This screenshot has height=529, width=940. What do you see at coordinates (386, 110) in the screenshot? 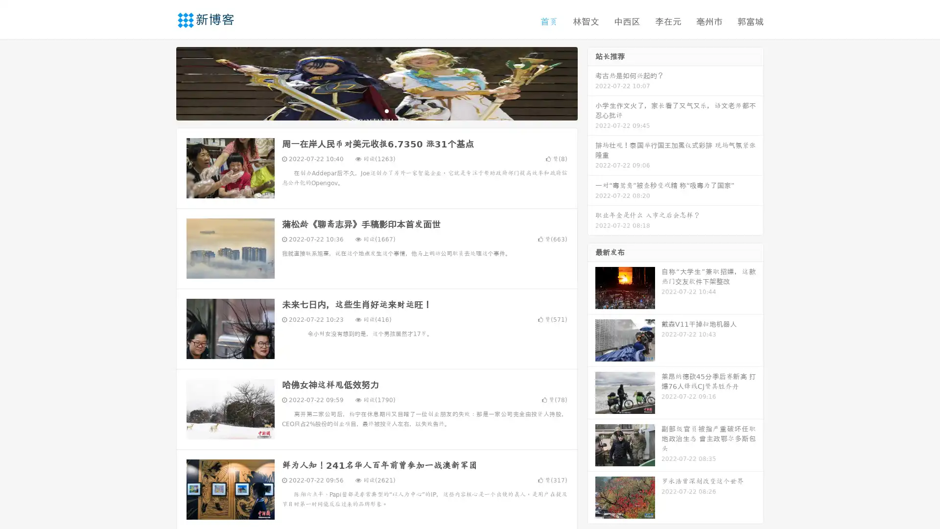
I see `Go to slide 3` at bounding box center [386, 110].